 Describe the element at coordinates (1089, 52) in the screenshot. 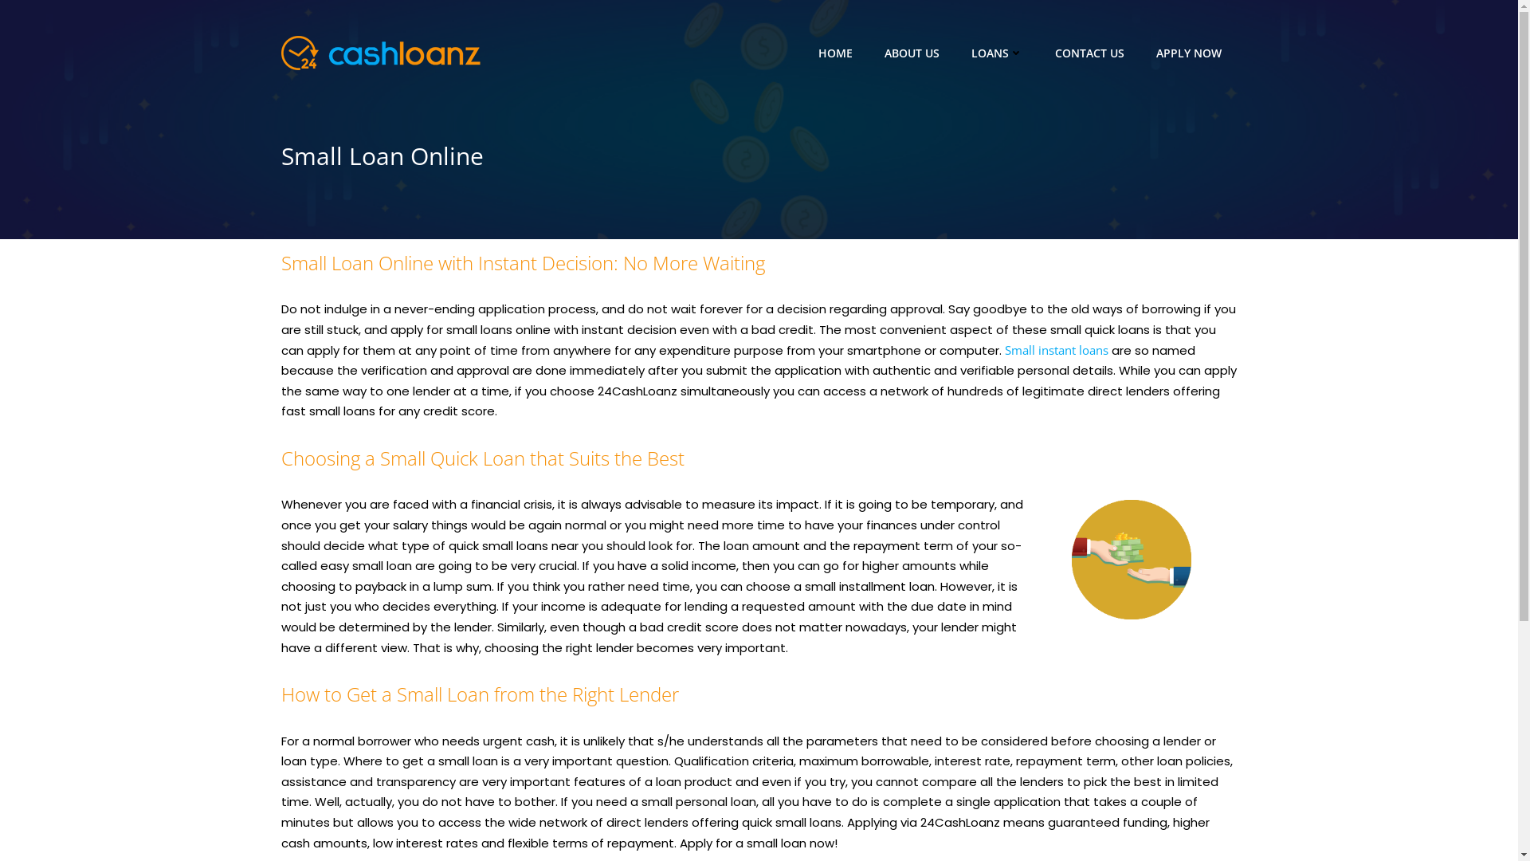

I see `'CONTACT US'` at that location.